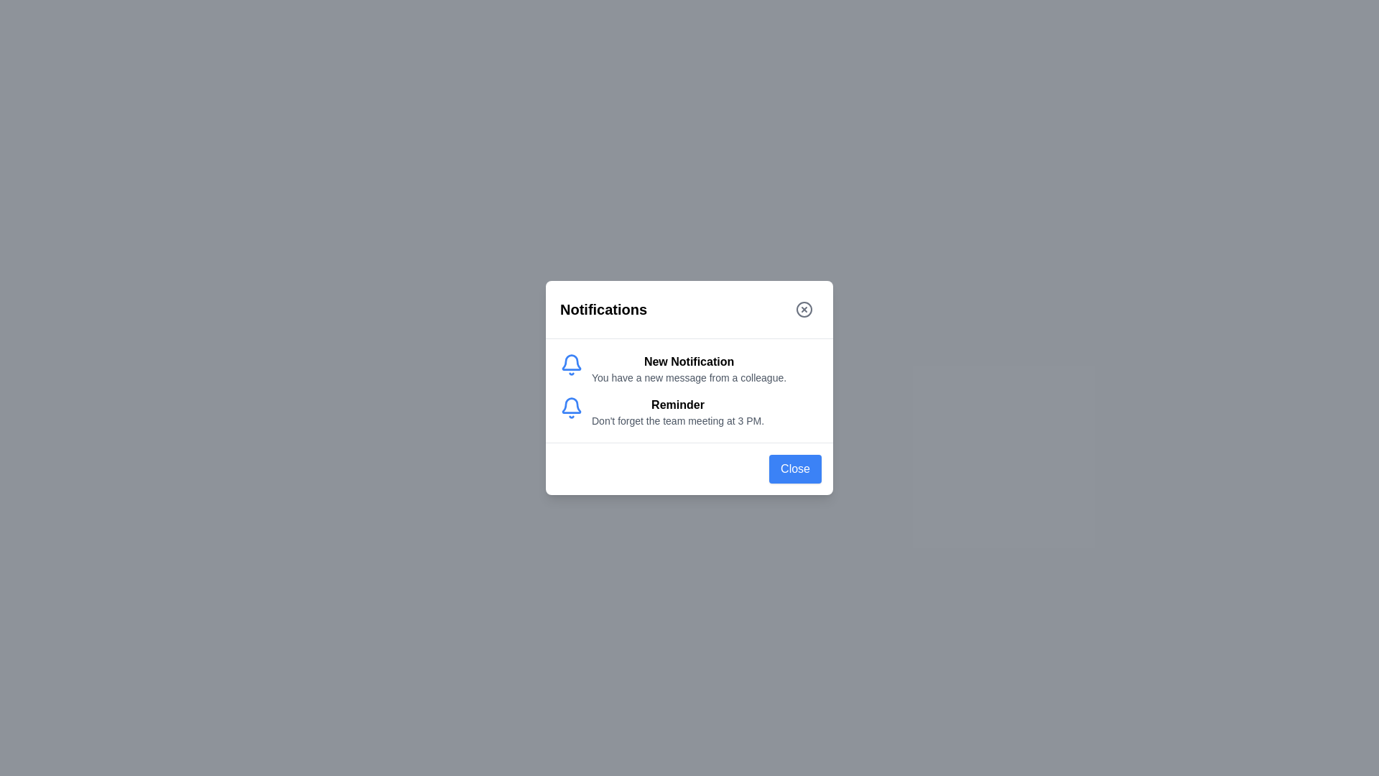  I want to click on the Text block that provides a notification message reminding the user of a scheduled team meeting, located below the 'New Notification' title and next to the bell icon, so click(677, 412).